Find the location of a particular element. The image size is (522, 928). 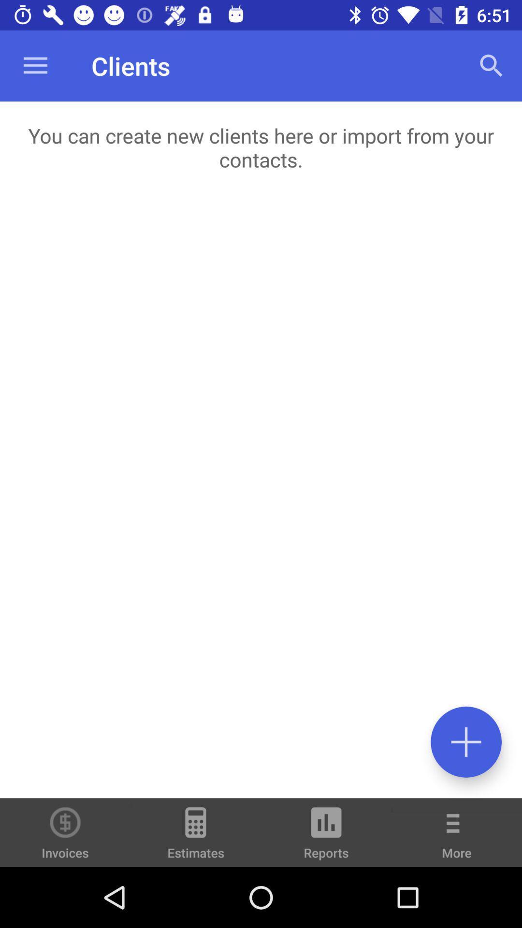

item next to the reports item is located at coordinates (196, 837).